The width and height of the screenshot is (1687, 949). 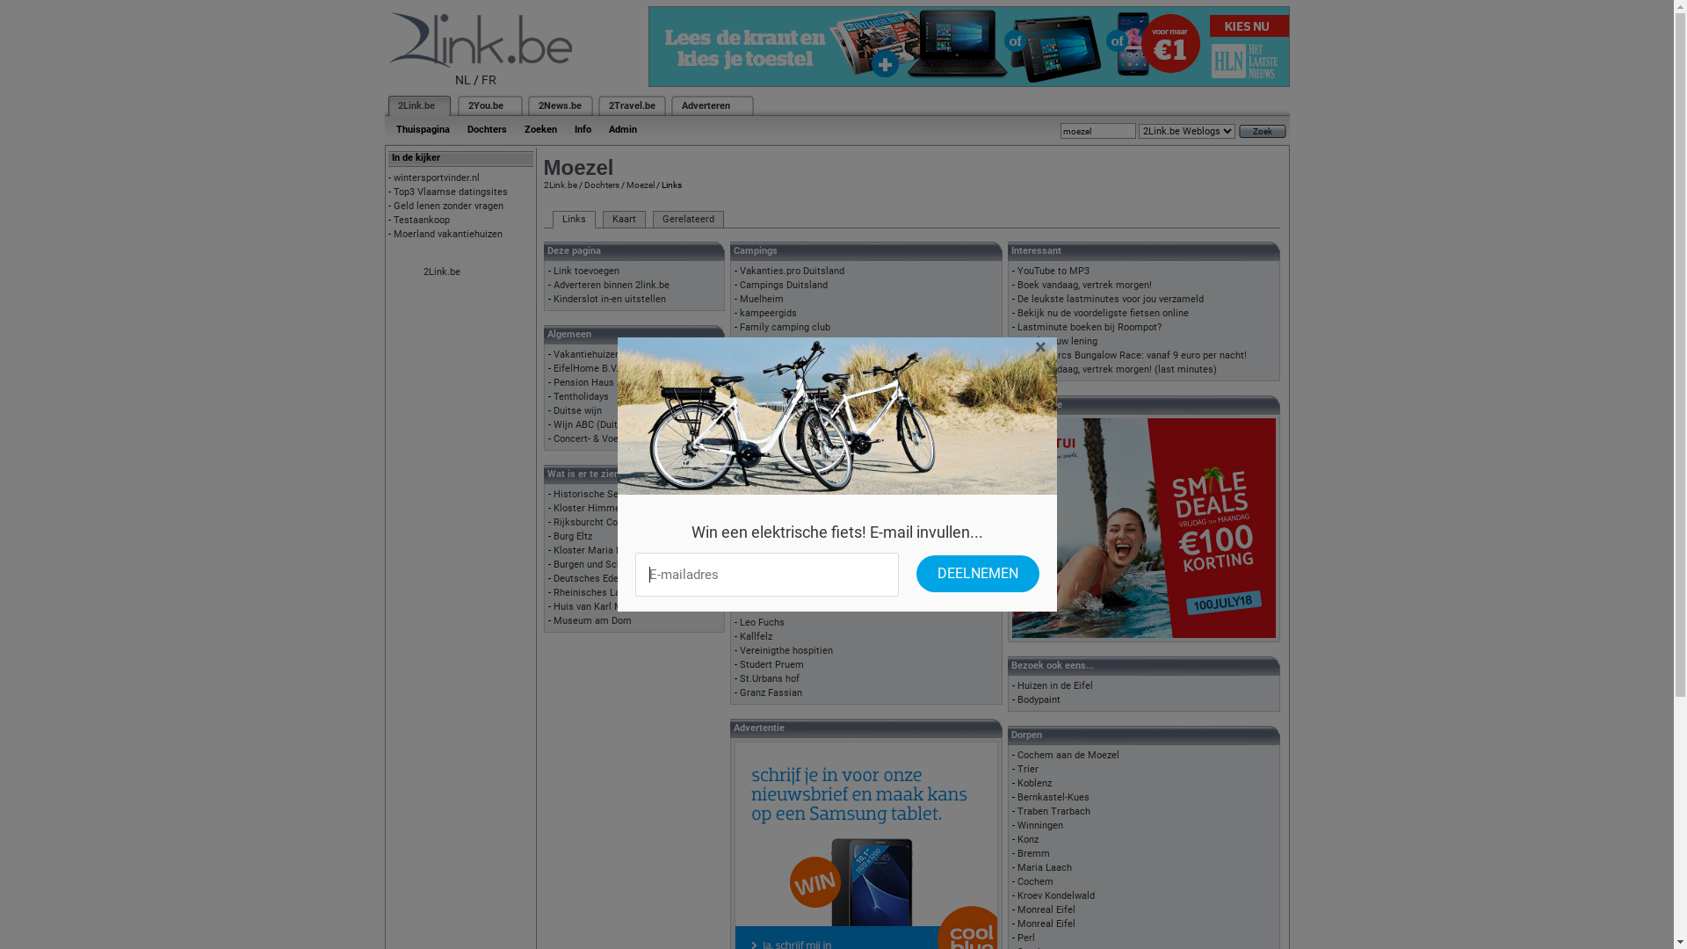 I want to click on 'Boek vandaag, vertrek morgen! (last minutes)', so click(x=1116, y=368).